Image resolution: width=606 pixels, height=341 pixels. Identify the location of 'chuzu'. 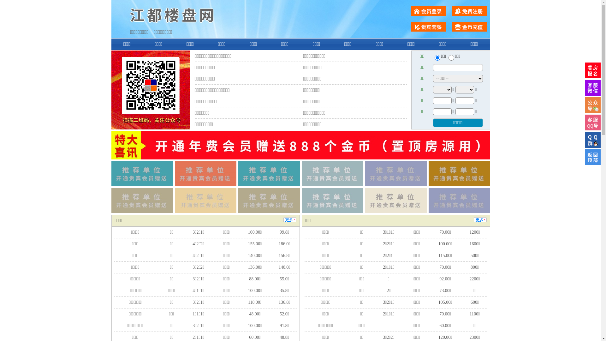
(451, 57).